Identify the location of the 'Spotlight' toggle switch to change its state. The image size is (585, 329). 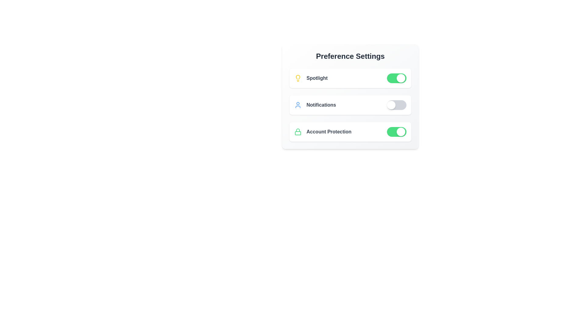
(396, 78).